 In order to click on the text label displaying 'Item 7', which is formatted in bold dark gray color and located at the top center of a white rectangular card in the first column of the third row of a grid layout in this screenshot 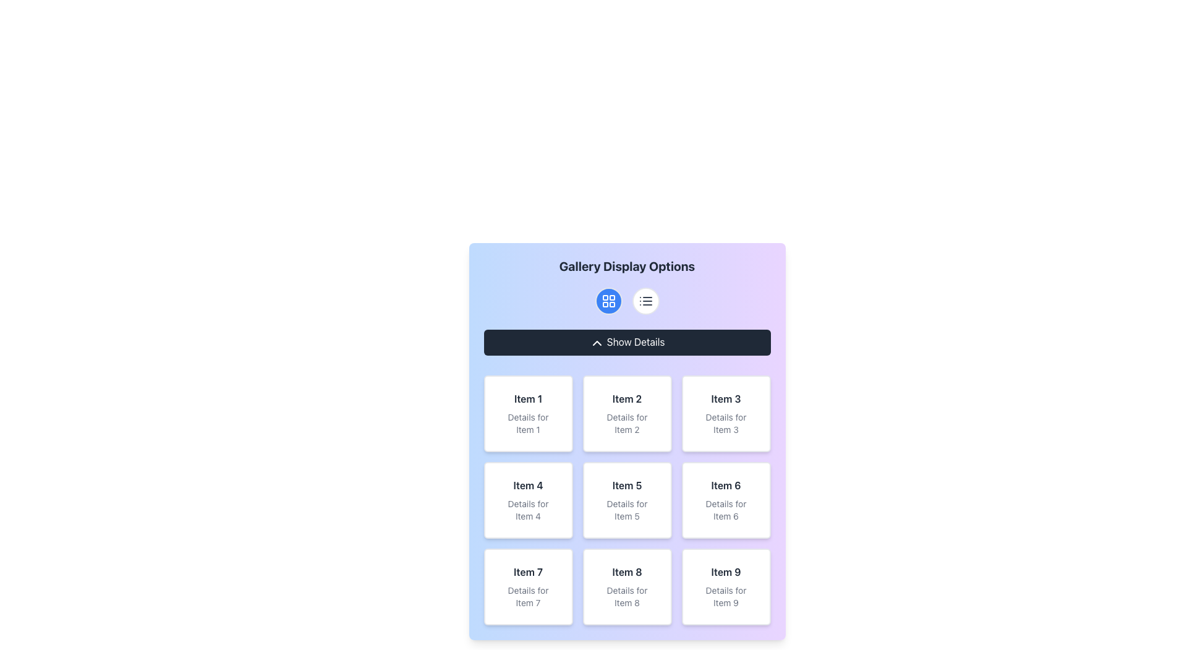, I will do `click(528, 572)`.